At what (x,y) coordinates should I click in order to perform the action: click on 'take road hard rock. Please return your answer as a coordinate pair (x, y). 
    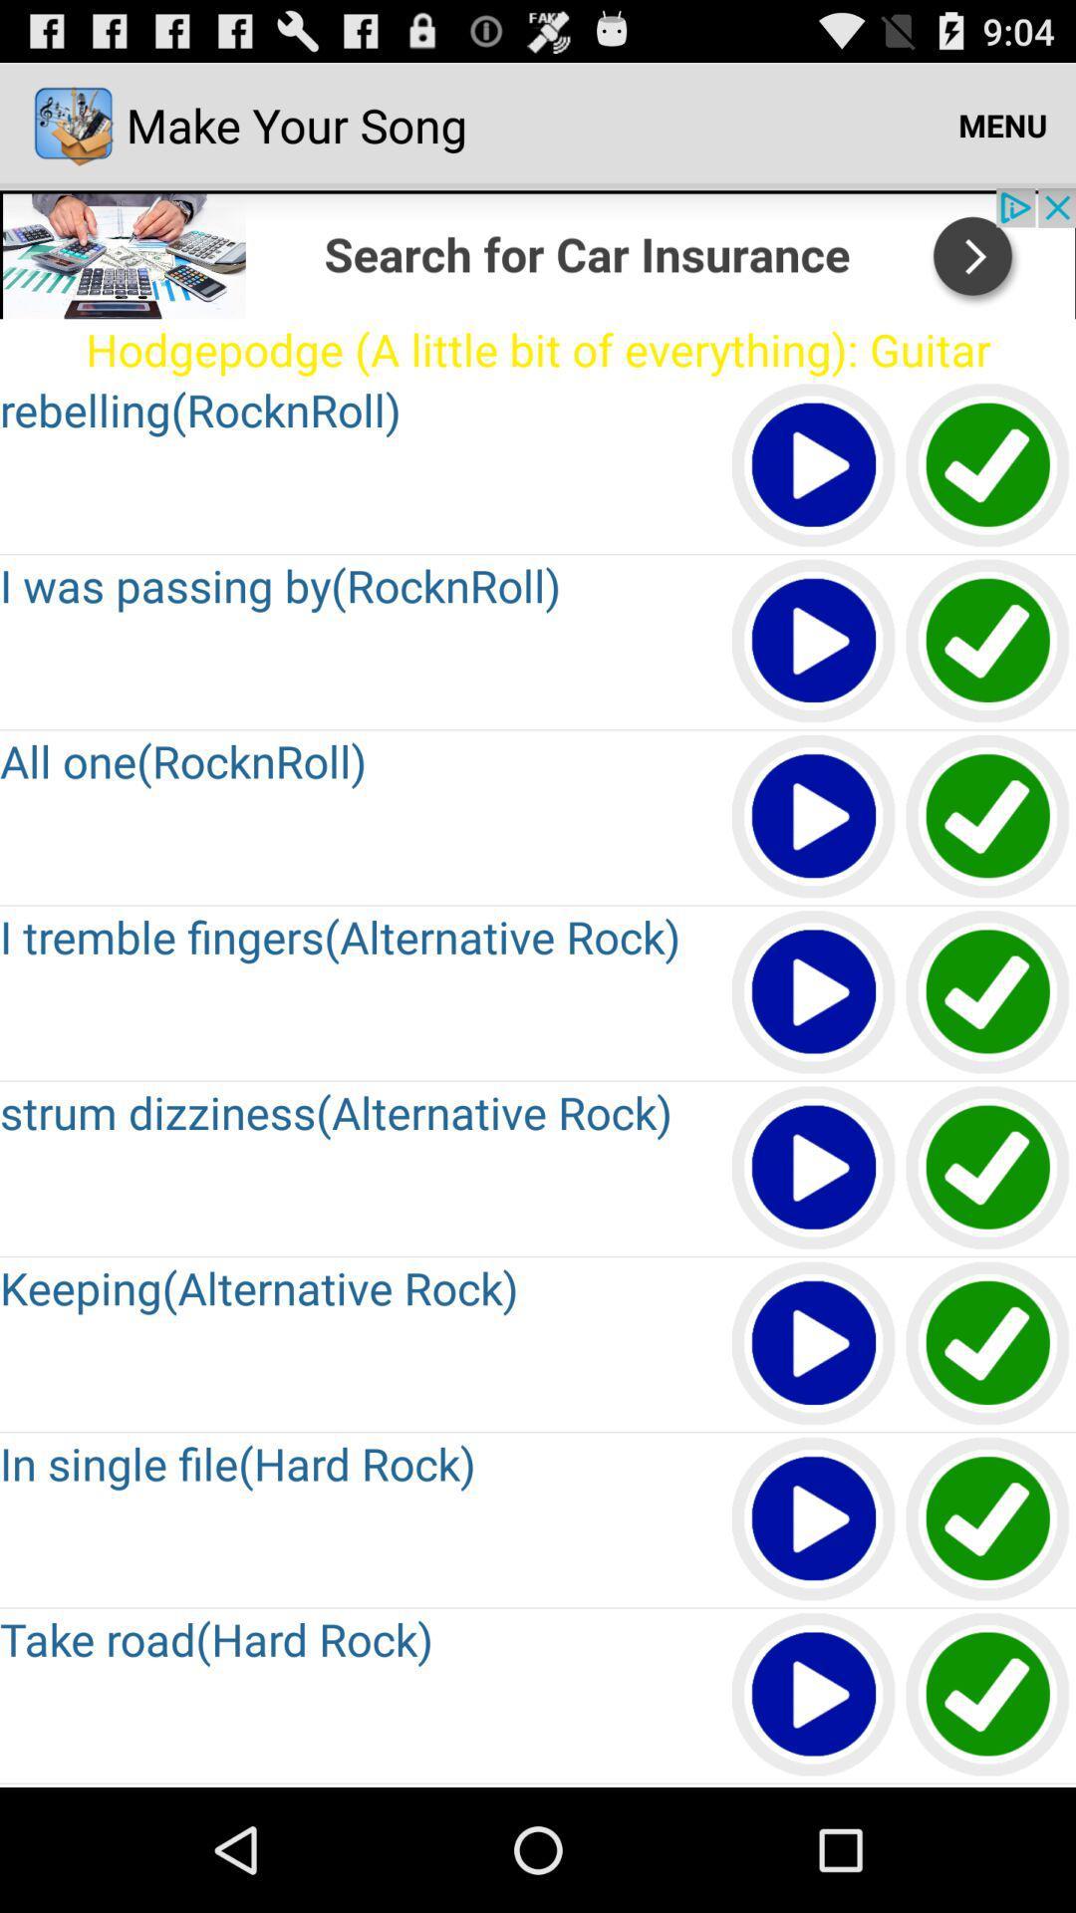
    Looking at the image, I should click on (814, 1695).